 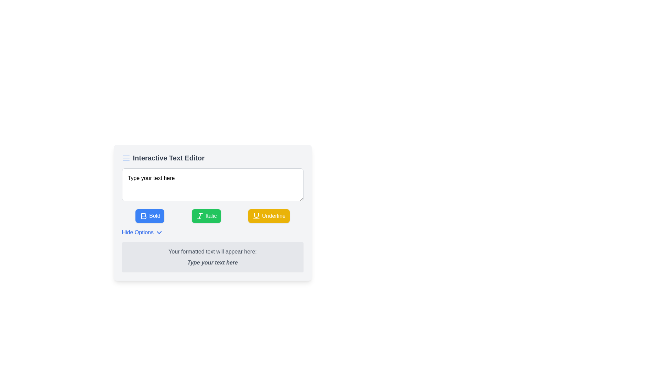 I want to click on the static text label element that reads 'Your formatted text will appear here:', which is positioned above the emphasized text segment 'Type your text here.', so click(x=212, y=251).